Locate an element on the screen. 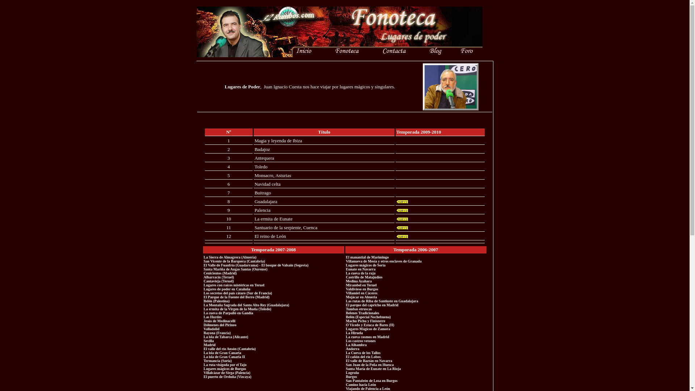 The height and width of the screenshot is (391, 695). 'Medina Azahara      ' is located at coordinates (361, 281).